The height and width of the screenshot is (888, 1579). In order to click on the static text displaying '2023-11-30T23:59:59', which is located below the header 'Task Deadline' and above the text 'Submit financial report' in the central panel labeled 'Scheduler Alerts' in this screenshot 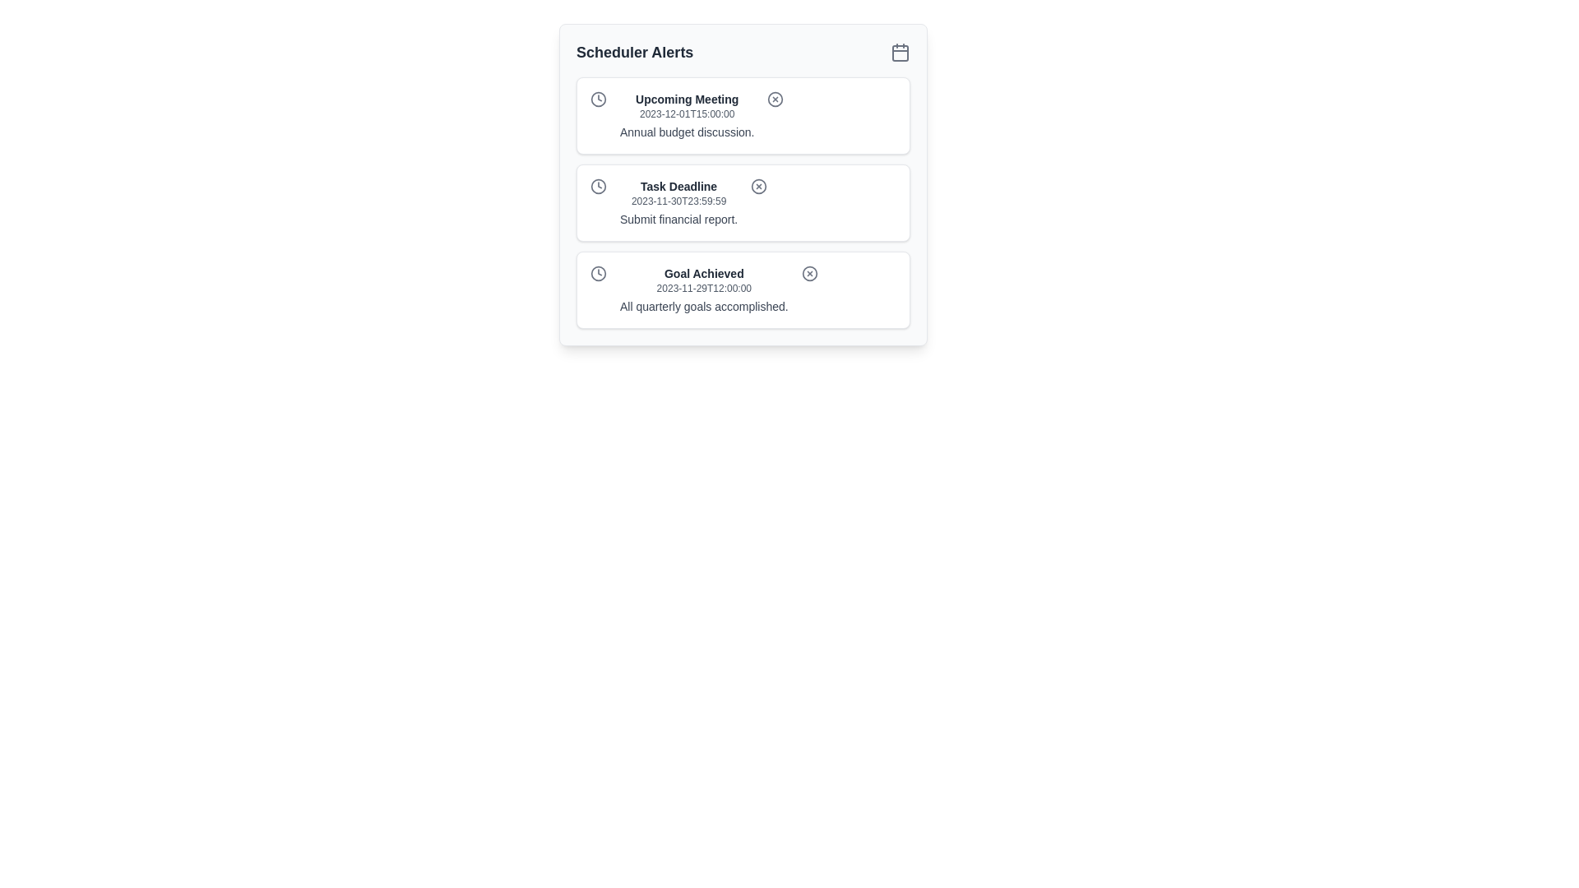, I will do `click(678, 201)`.